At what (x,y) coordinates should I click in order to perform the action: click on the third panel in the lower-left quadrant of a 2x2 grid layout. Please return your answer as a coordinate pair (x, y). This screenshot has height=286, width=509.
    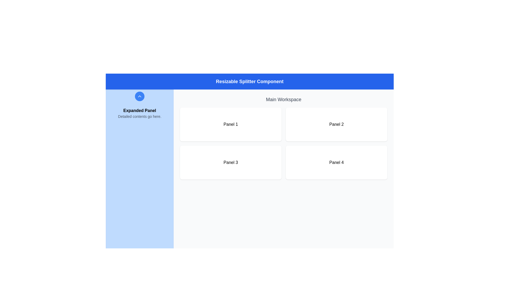
    Looking at the image, I should click on (231, 162).